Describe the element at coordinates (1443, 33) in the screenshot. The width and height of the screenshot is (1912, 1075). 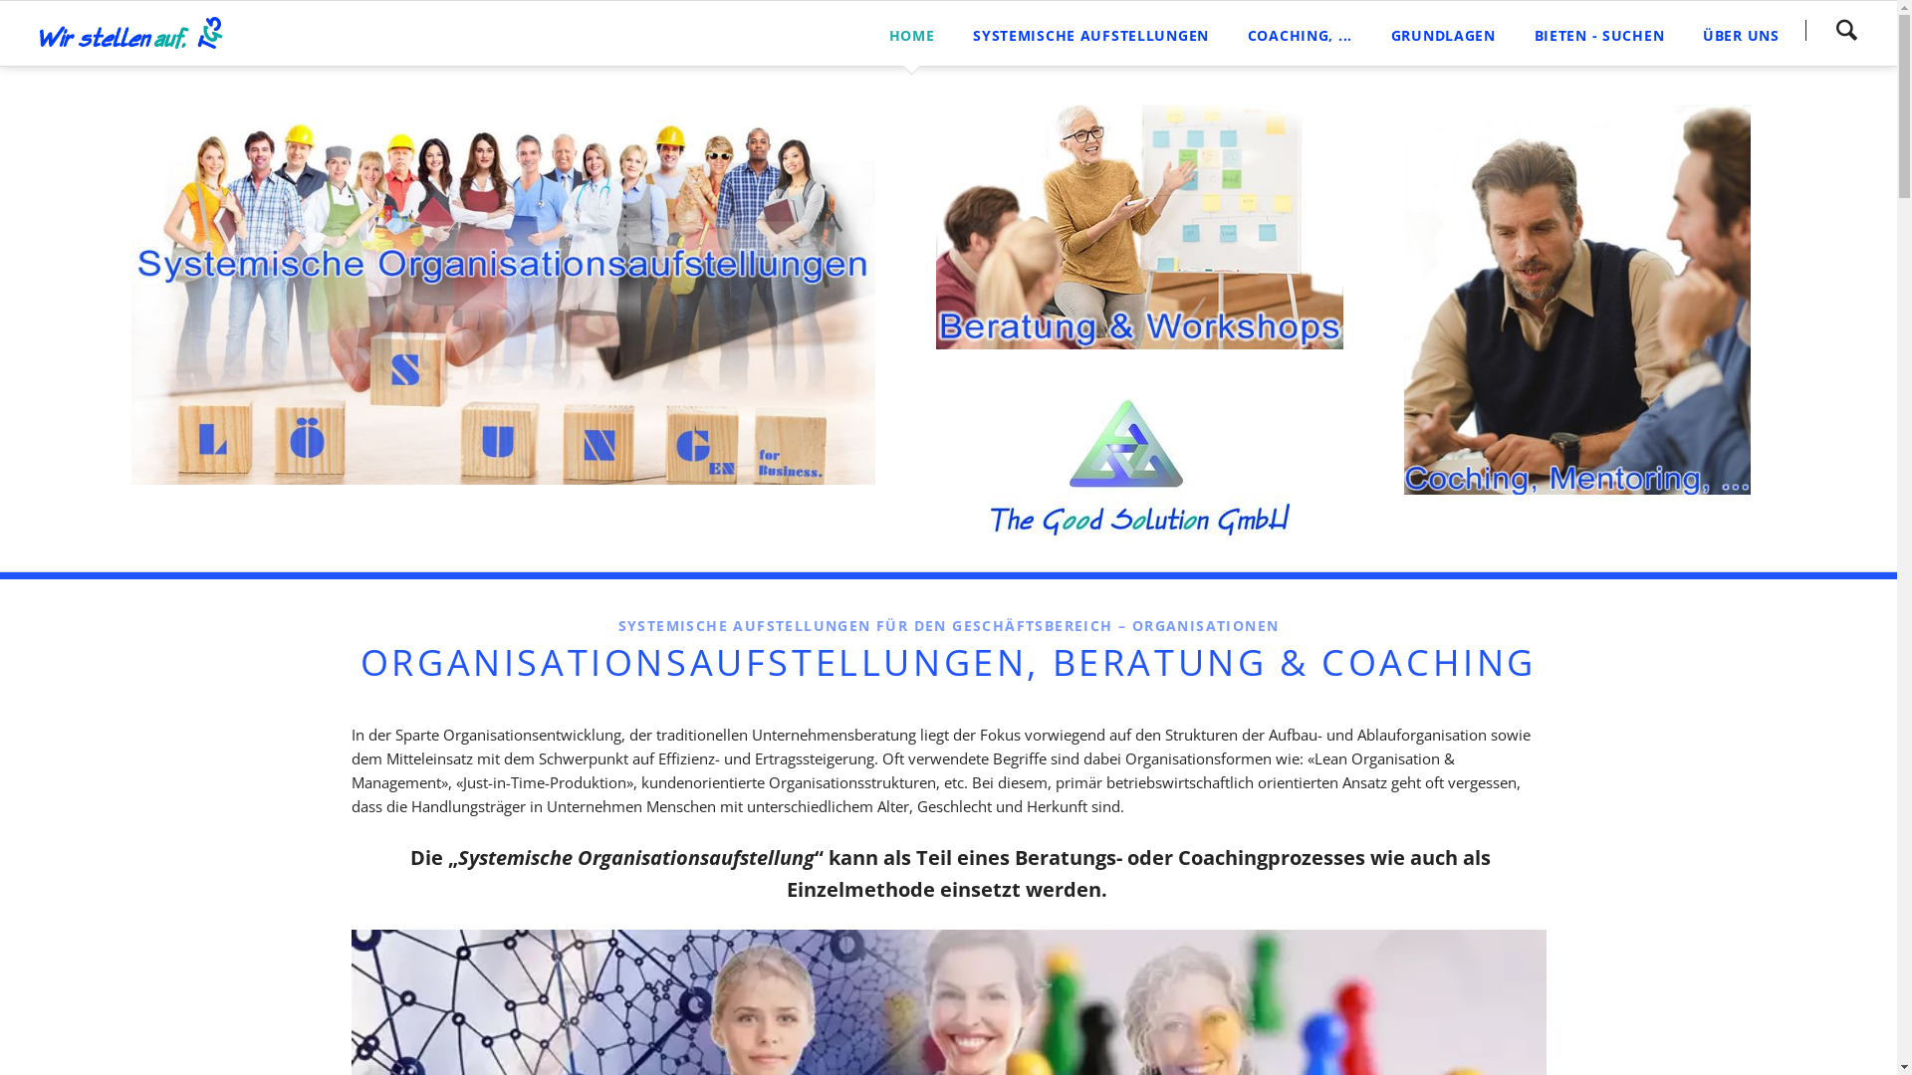
I see `'GRUNDLAGEN'` at that location.